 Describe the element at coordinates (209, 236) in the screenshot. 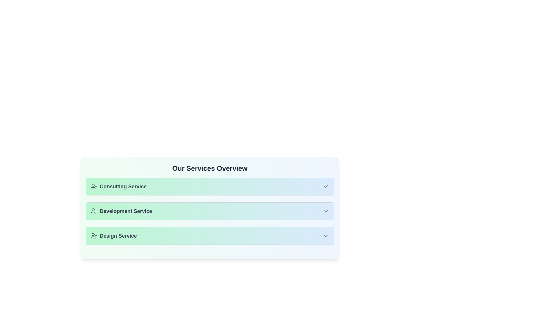

I see `the button that represents the selectable item for 'Design Service'` at that location.